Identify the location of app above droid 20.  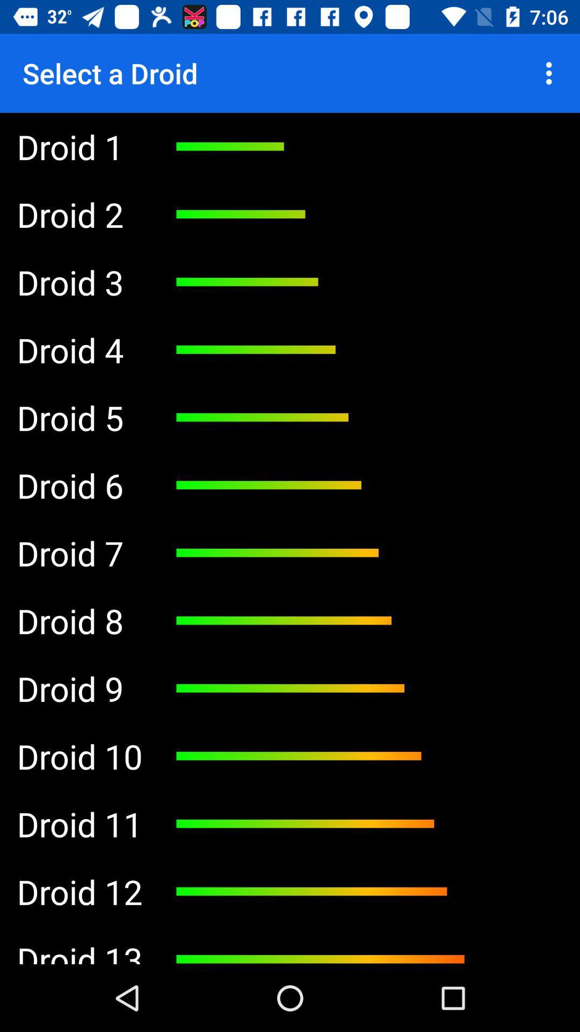
(79, 282).